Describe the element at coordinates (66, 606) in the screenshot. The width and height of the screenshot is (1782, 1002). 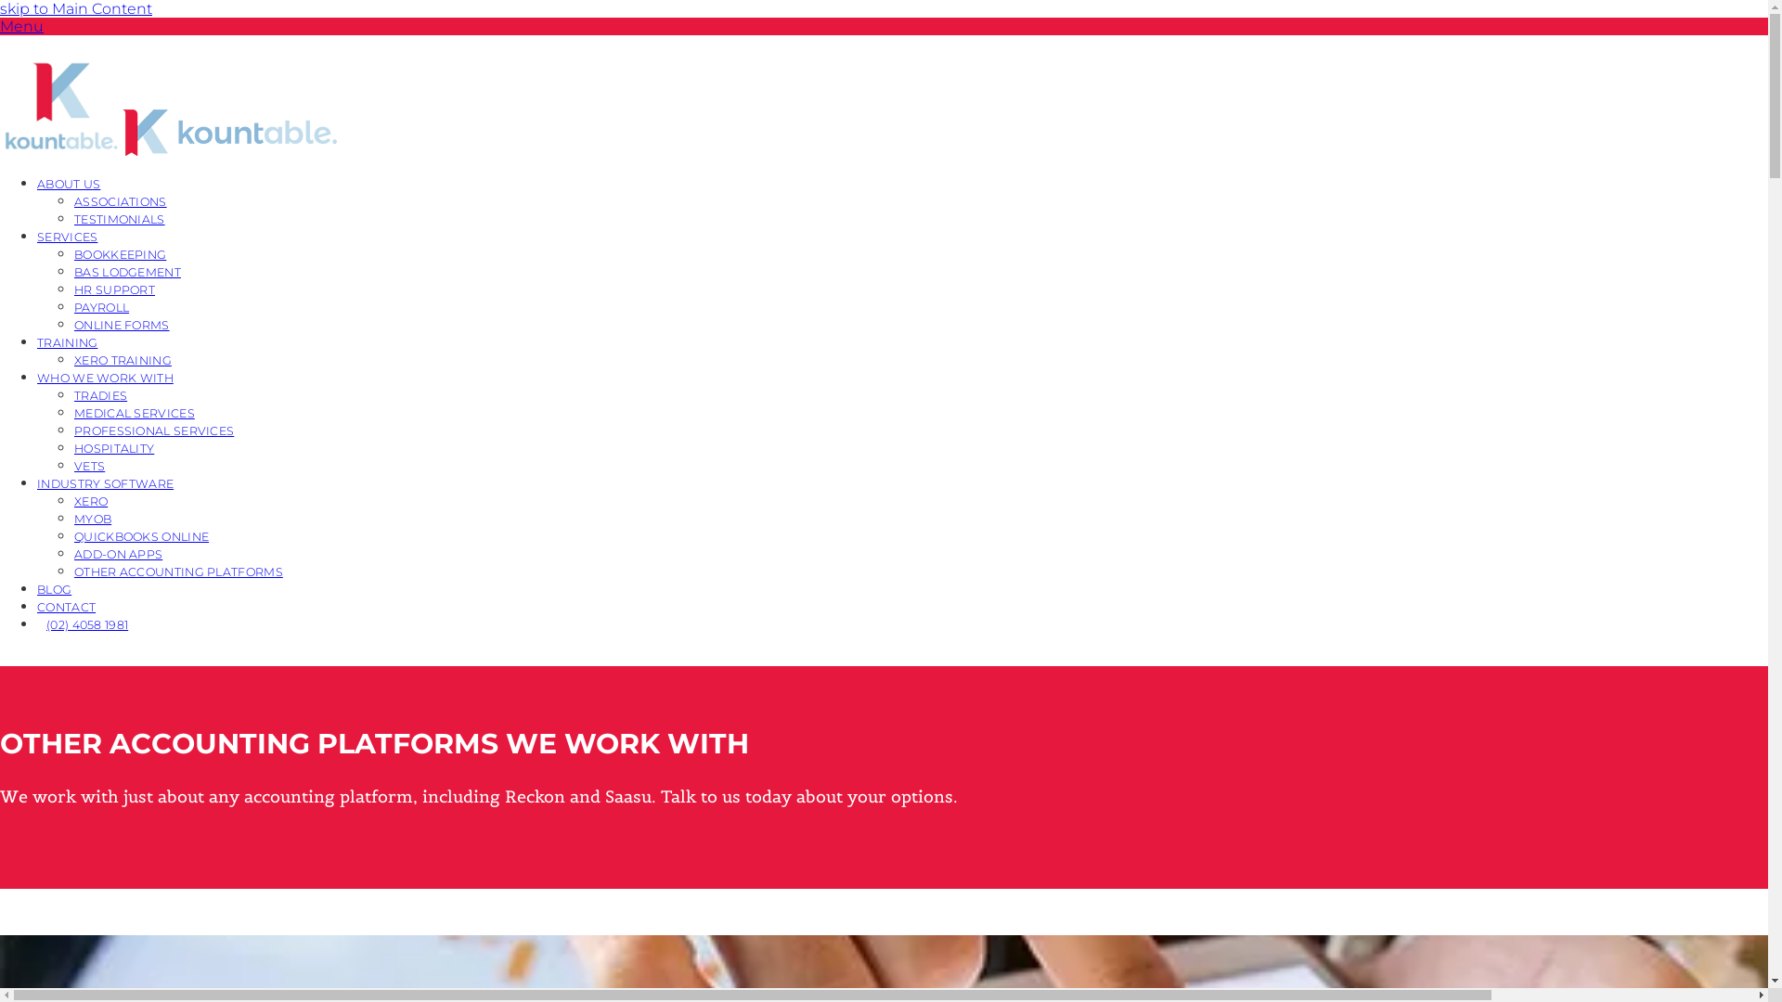
I see `'CONTACT'` at that location.